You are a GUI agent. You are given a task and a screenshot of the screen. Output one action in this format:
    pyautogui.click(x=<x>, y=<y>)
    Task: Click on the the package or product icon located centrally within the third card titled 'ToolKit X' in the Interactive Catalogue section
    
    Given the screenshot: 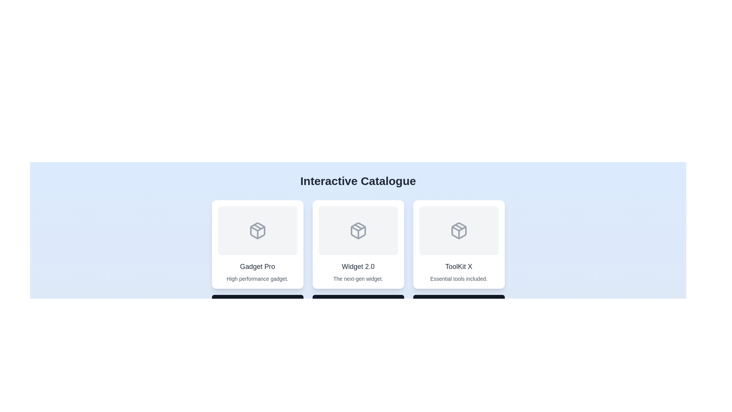 What is the action you would take?
    pyautogui.click(x=458, y=230)
    